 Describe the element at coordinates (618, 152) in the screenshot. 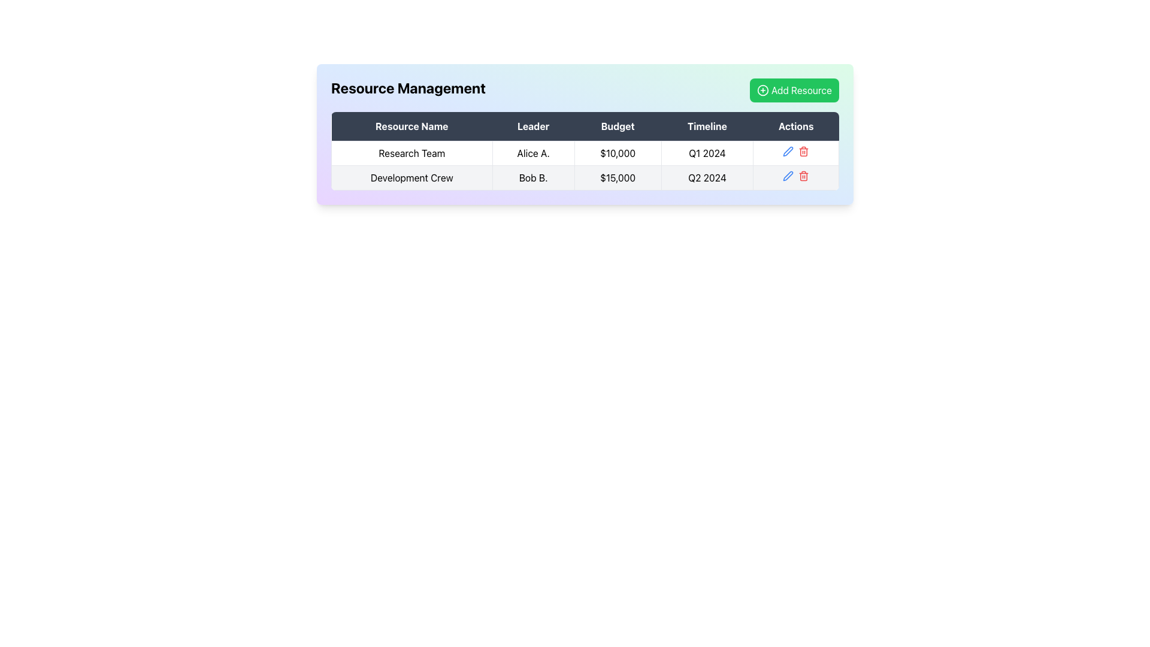

I see `the static text element displaying the bold black text '$10,000' in the Budget column of the table, which is located in the first row, positioned between 'Alice A.' and 'Q1 2024'` at that location.